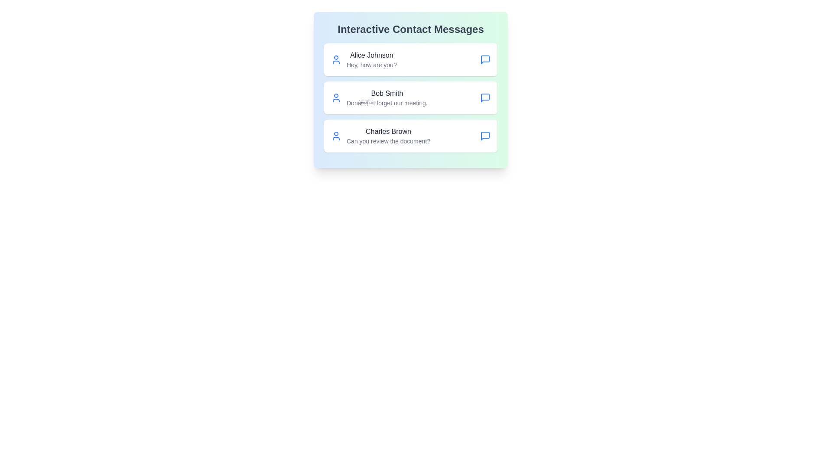 This screenshot has height=468, width=832. I want to click on the contact named Charles Brown to observe the hover effect, so click(410, 136).